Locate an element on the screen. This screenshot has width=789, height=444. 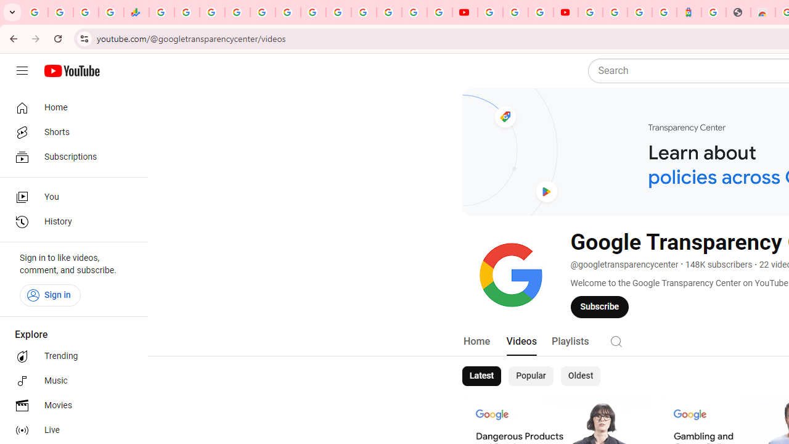
'Latest' is located at coordinates (480, 375).